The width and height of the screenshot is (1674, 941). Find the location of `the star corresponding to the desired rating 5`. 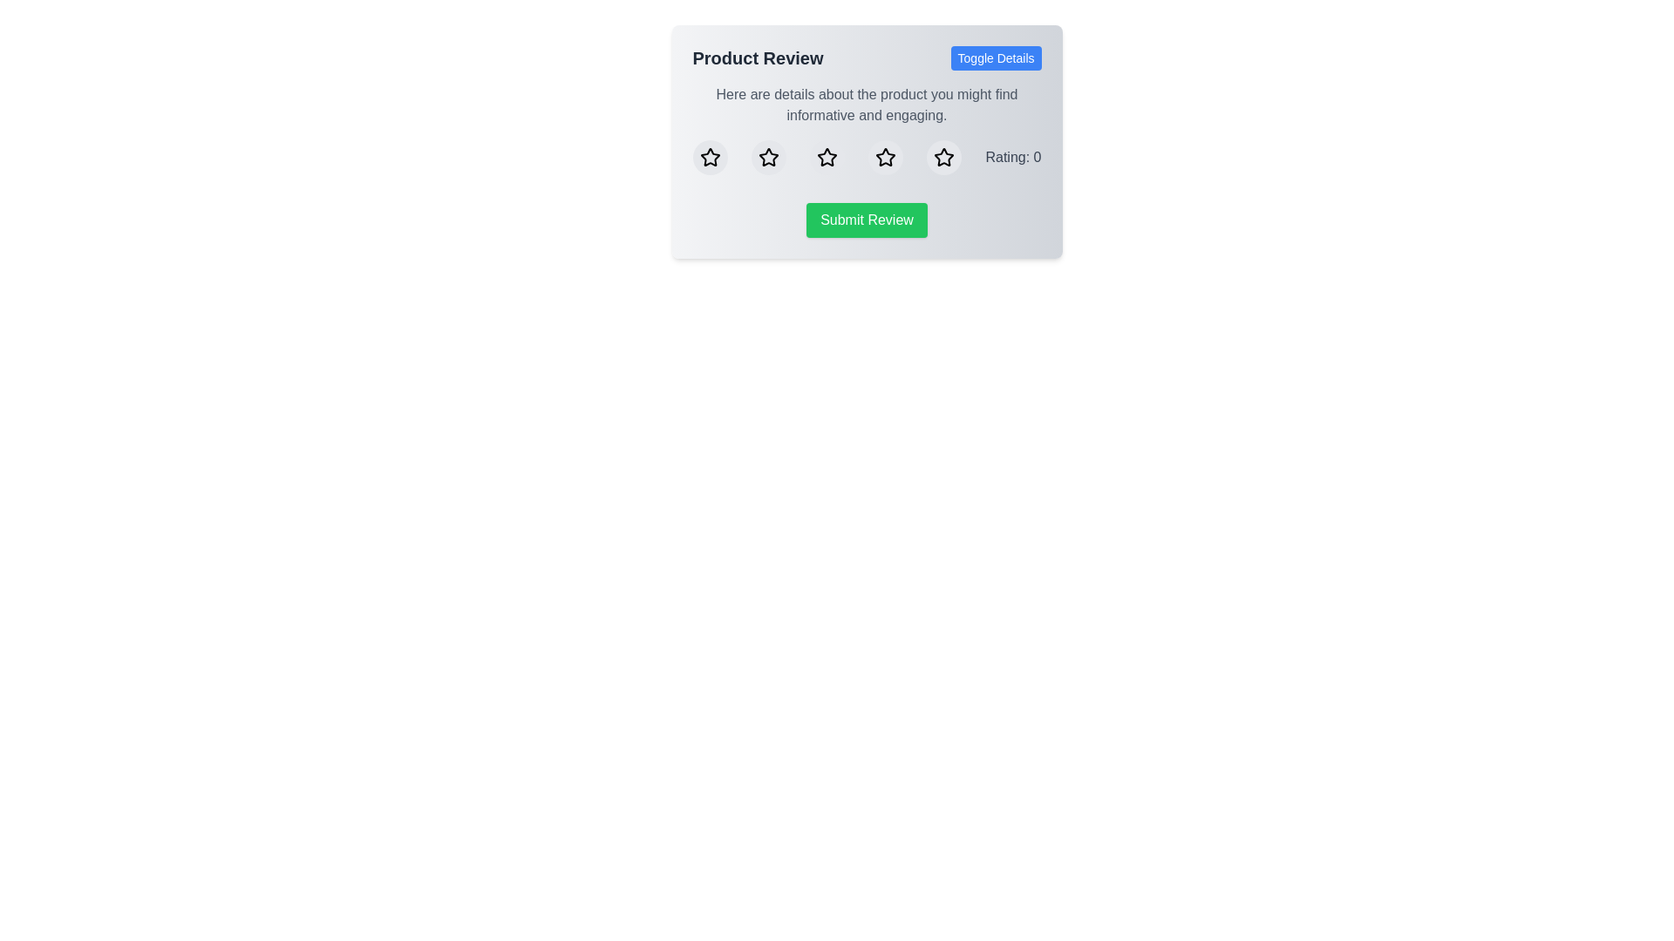

the star corresponding to the desired rating 5 is located at coordinates (943, 158).